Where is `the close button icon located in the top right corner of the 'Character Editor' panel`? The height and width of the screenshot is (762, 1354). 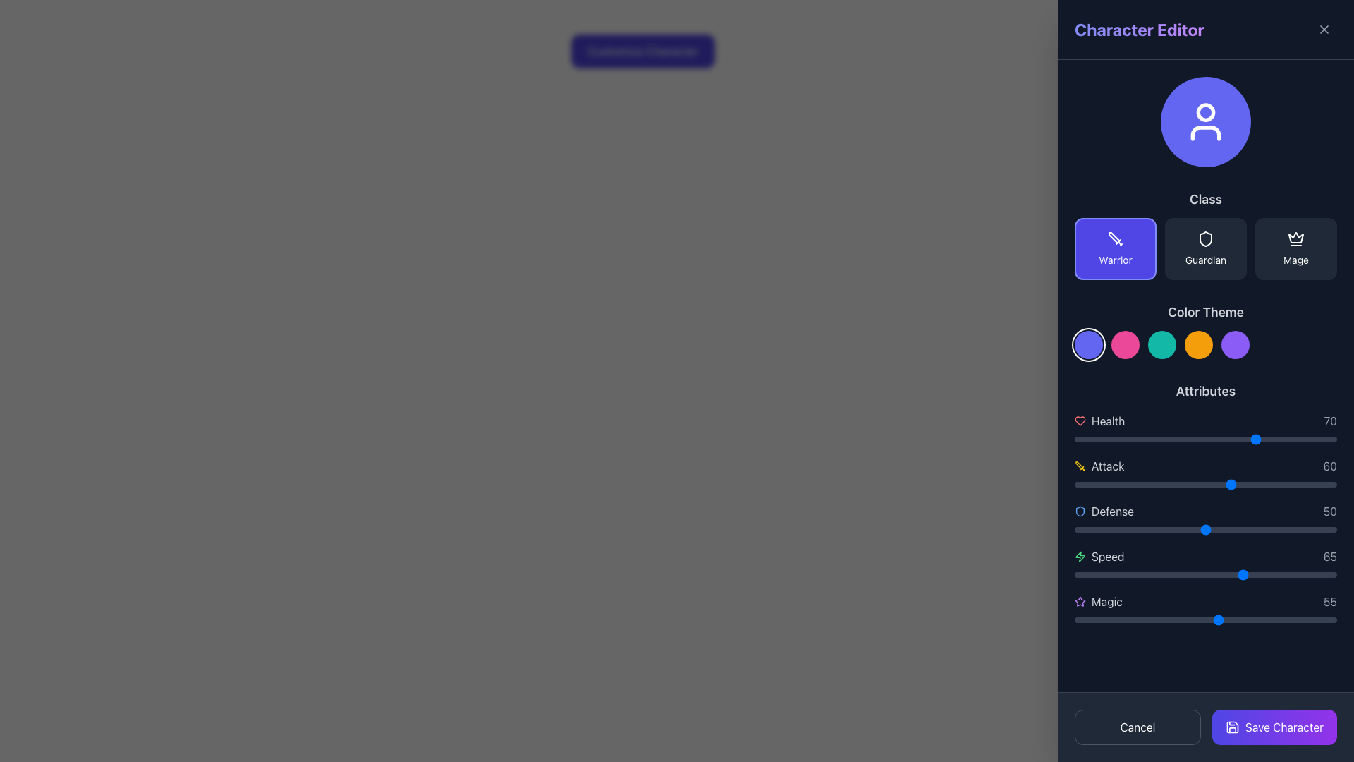
the close button icon located in the top right corner of the 'Character Editor' panel is located at coordinates (1323, 30).